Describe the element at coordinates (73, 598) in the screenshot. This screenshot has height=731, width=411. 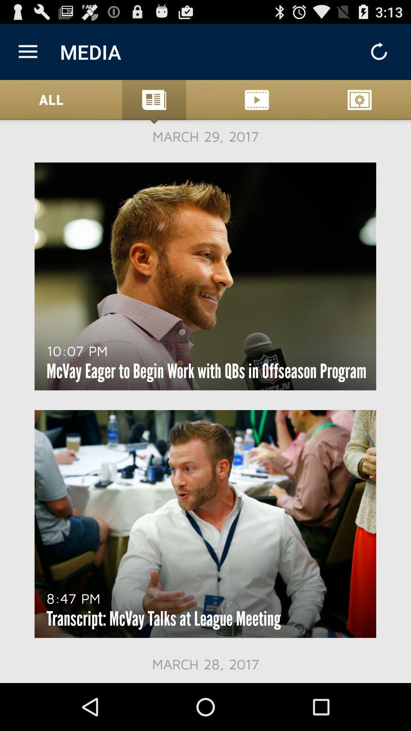
I see `8:47 pm at the bottom left corner` at that location.